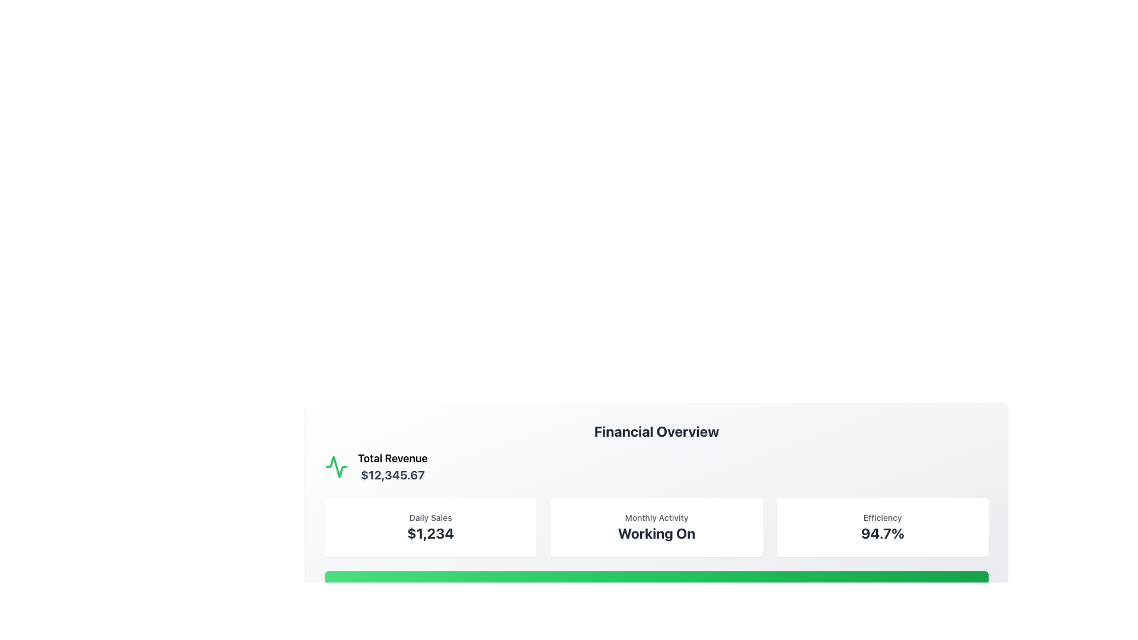 This screenshot has width=1138, height=640. I want to click on header text 'Financial Overview' which is displayed in bold, large font at the top of the financial data summary section, so click(656, 431).